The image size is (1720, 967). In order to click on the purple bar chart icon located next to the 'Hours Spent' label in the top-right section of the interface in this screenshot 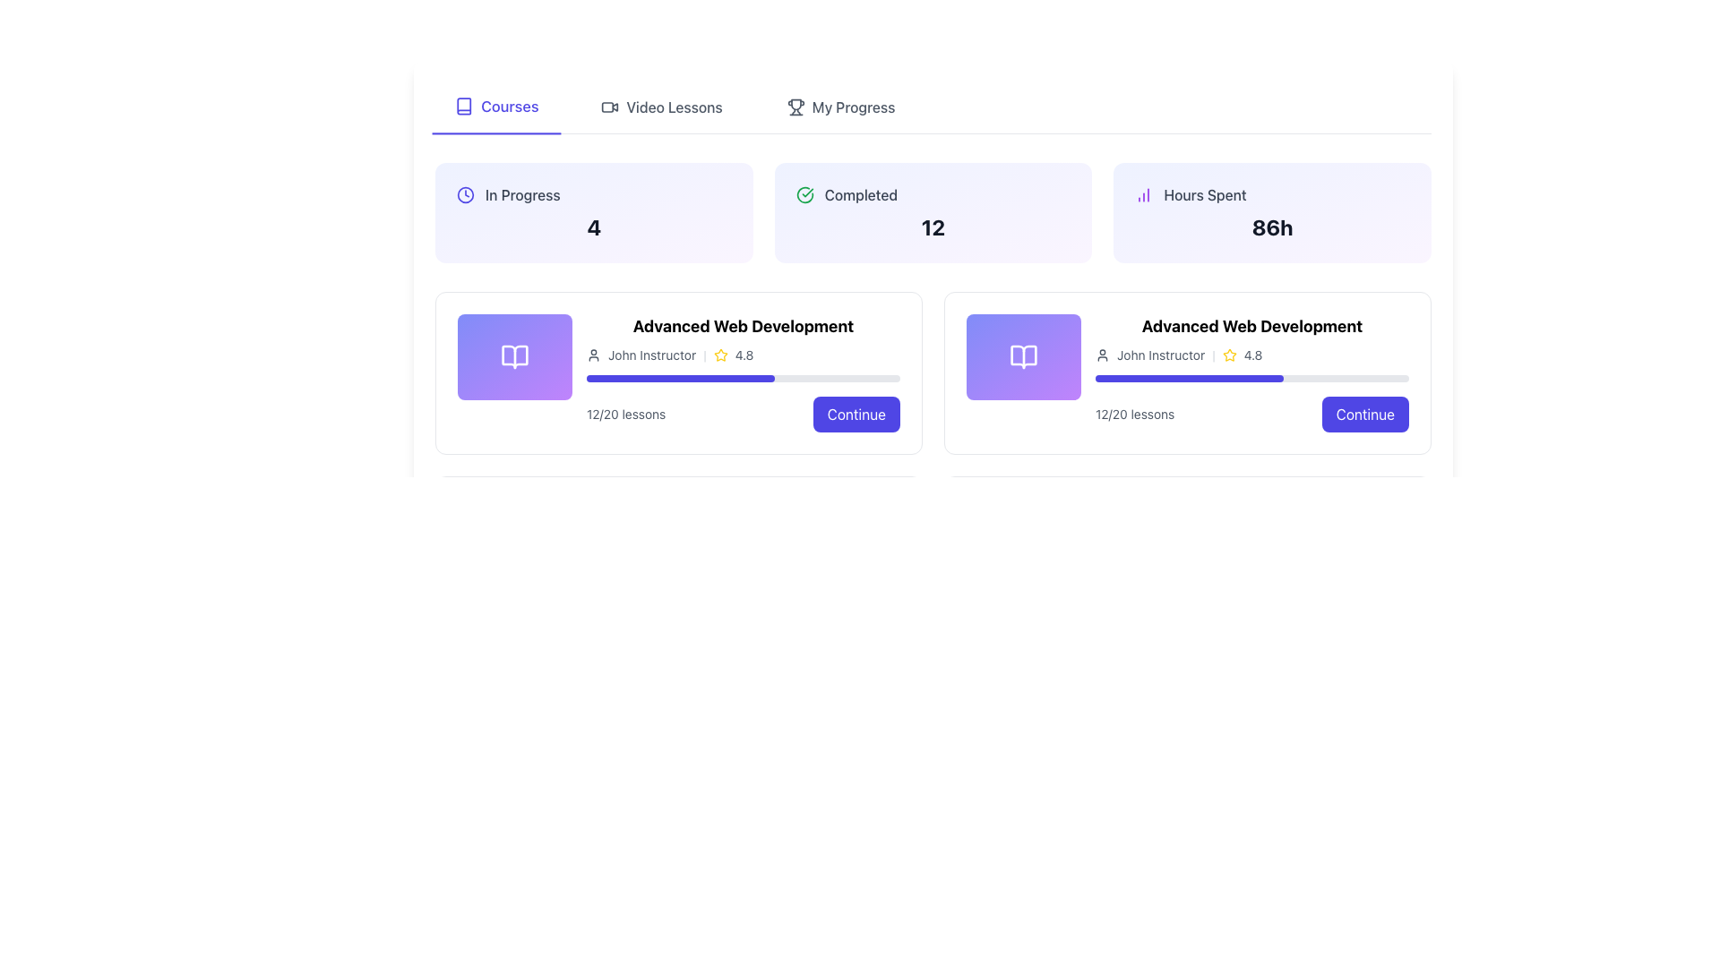, I will do `click(1143, 195)`.